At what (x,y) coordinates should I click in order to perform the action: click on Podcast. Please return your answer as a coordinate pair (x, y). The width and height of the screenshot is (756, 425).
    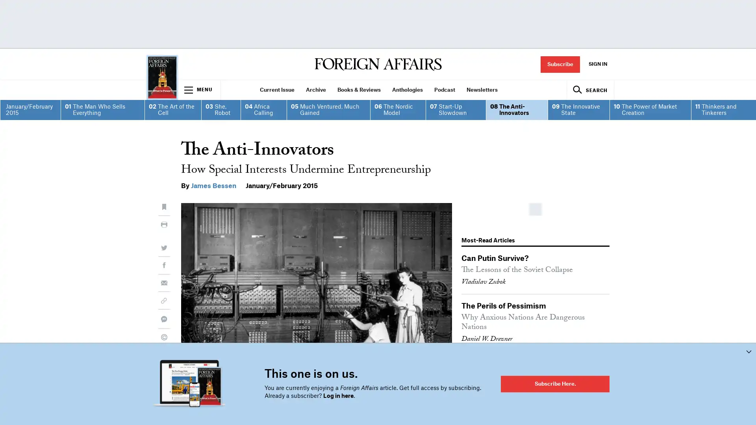
    Looking at the image, I should click on (444, 89).